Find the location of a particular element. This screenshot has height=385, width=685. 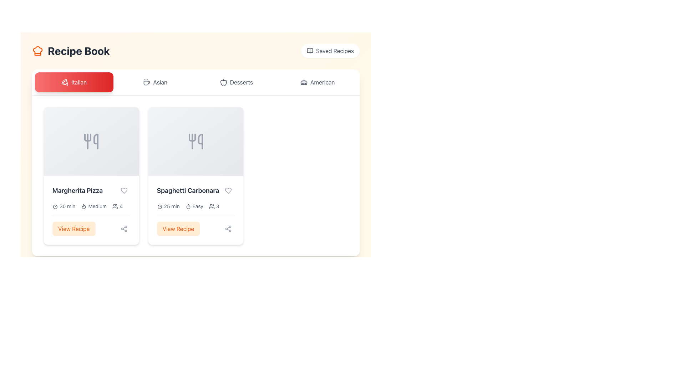

the favorite button located to the right of the 'Margherita Pizza' title to apply hover styles is located at coordinates (124, 190).